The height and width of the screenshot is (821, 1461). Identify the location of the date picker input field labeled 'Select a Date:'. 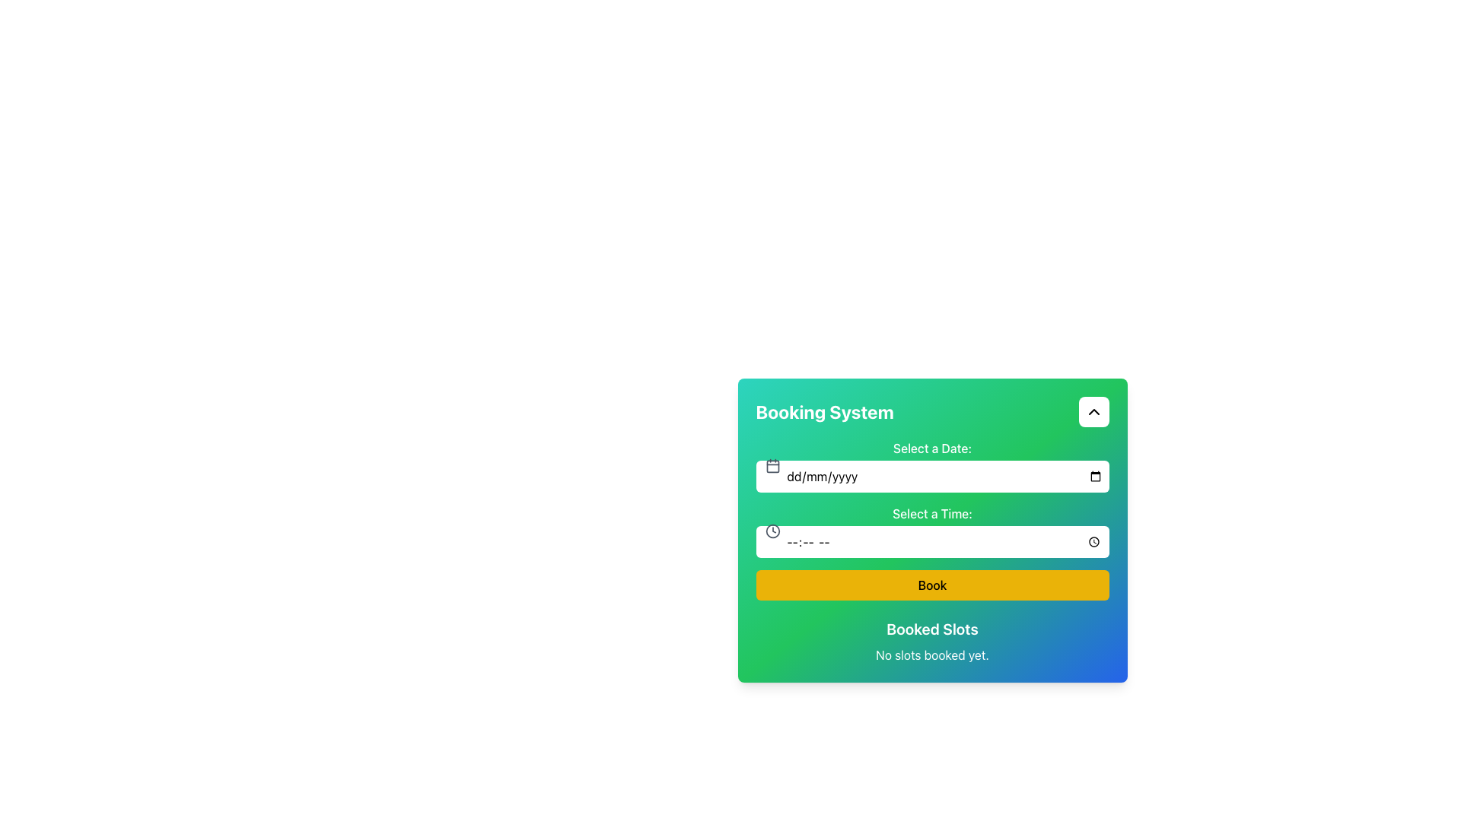
(931, 465).